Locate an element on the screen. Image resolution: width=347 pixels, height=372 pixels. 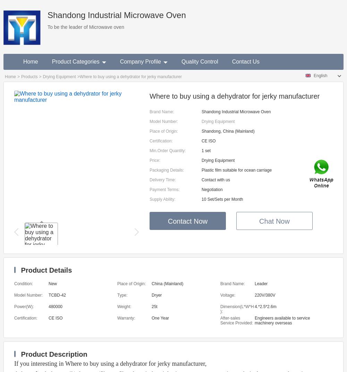
'Voltage:' is located at coordinates (228, 295).